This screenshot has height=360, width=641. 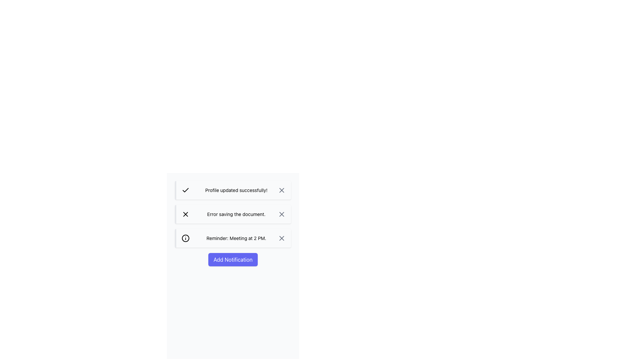 I want to click on the 'X' icon that represents a close or cancel action, located to the left of the notification reading 'Error saving the document.', so click(x=186, y=214).